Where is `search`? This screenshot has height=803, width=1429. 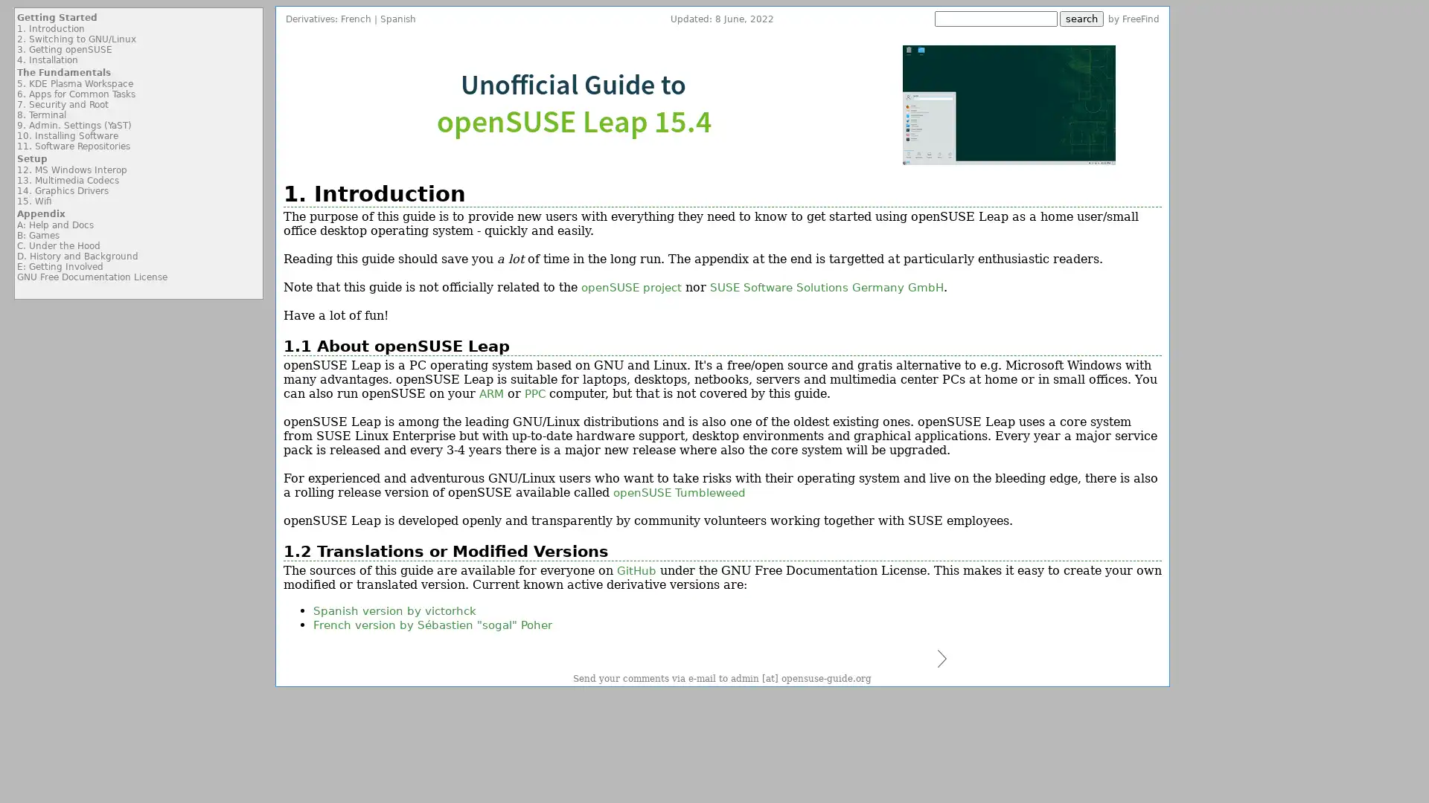
search is located at coordinates (1081, 19).